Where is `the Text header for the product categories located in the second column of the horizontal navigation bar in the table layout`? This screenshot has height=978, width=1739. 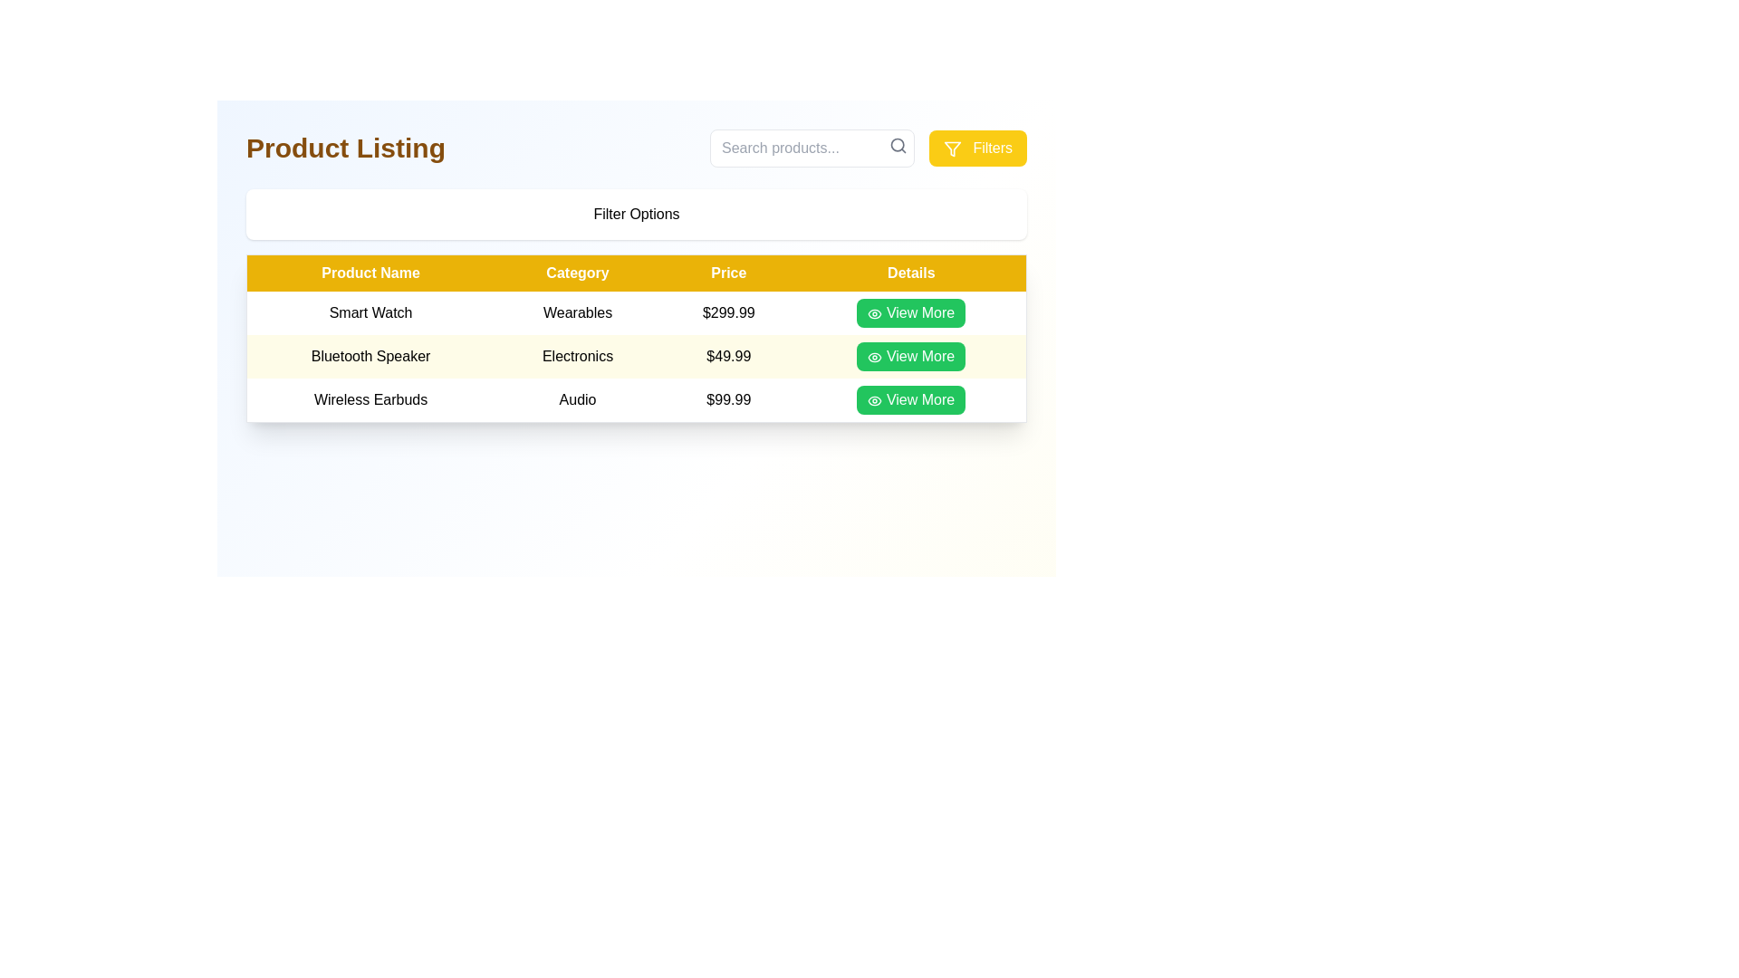
the Text header for the product categories located in the second column of the horizontal navigation bar in the table layout is located at coordinates (577, 273).